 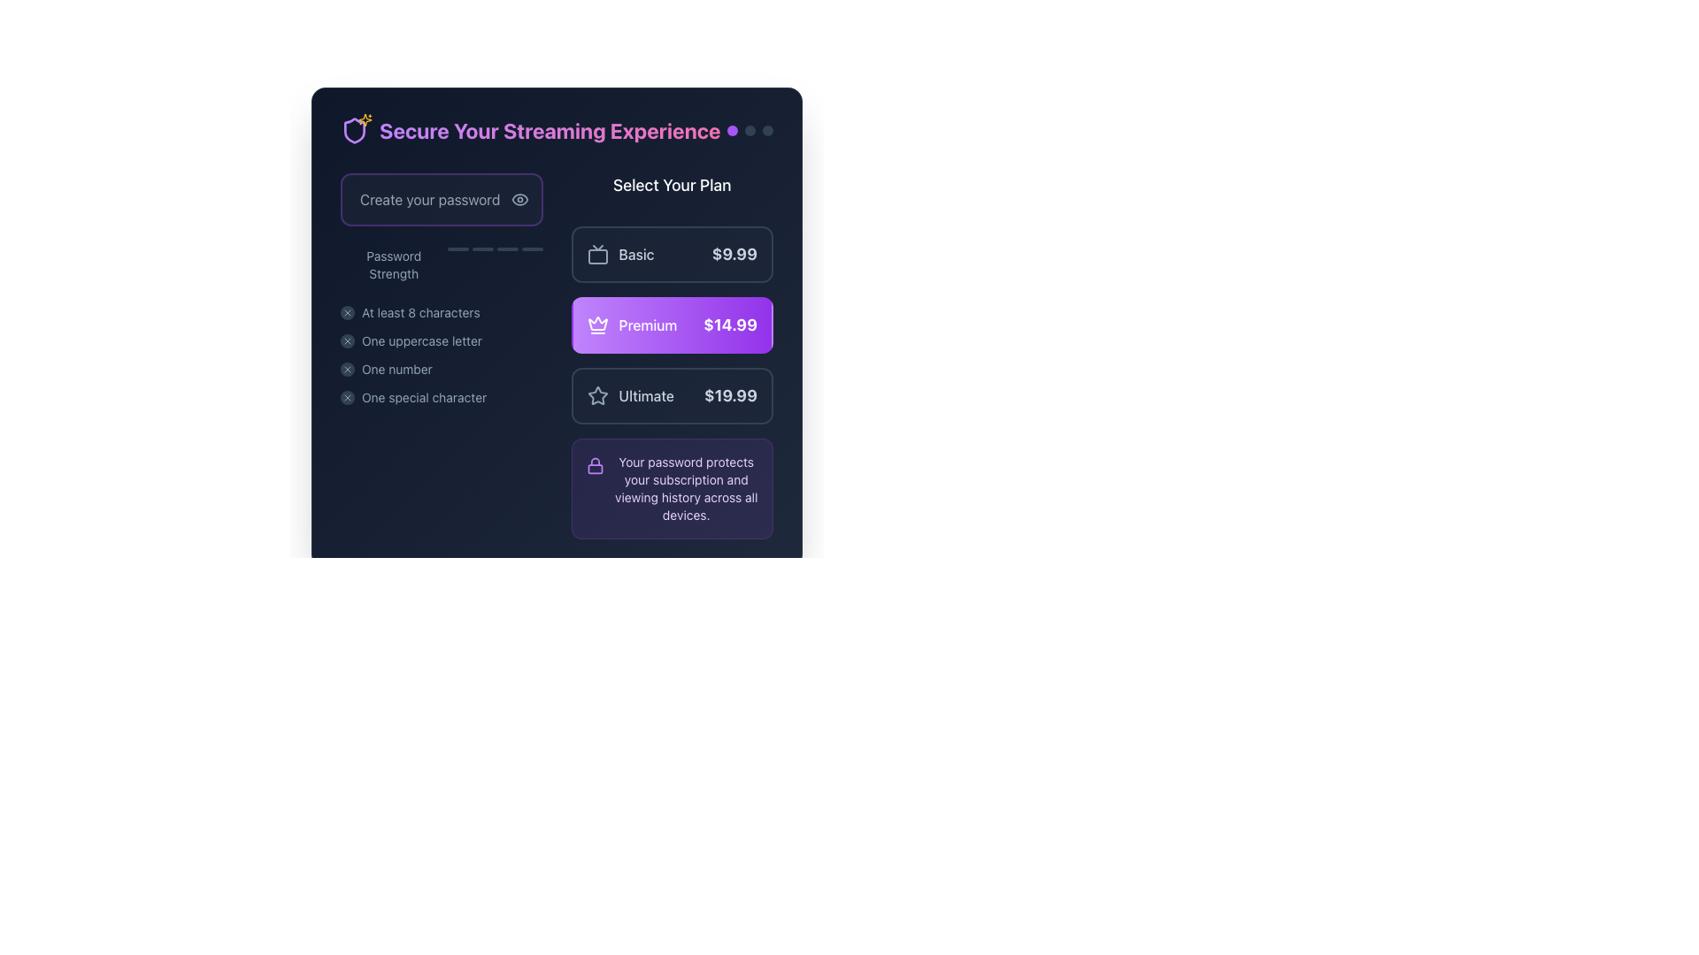 What do you see at coordinates (549, 129) in the screenshot?
I see `the bold stylized text 'Secure Your Streaming Experience' which is rendered in a gradient color and is positioned near the top of the panel, horizontally centered in the header section` at bounding box center [549, 129].